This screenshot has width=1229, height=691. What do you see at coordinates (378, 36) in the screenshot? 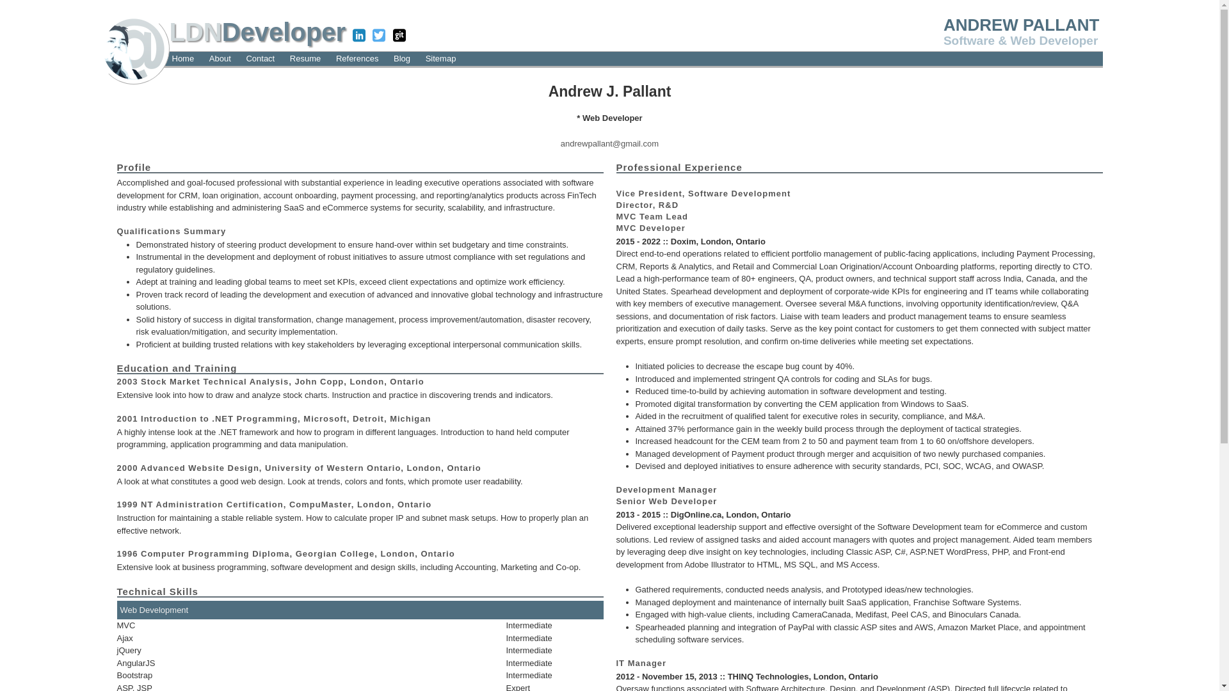
I see `'Click For My Twitter Profile'` at bounding box center [378, 36].